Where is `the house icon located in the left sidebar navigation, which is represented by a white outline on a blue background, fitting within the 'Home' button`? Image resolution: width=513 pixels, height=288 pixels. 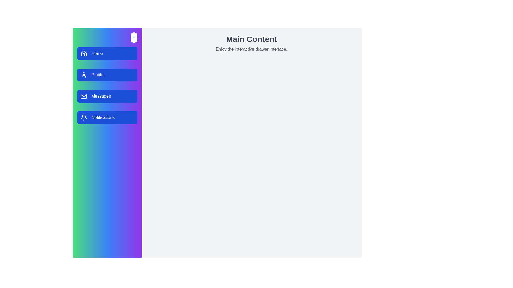 the house icon located in the left sidebar navigation, which is represented by a white outline on a blue background, fitting within the 'Home' button is located at coordinates (83, 53).